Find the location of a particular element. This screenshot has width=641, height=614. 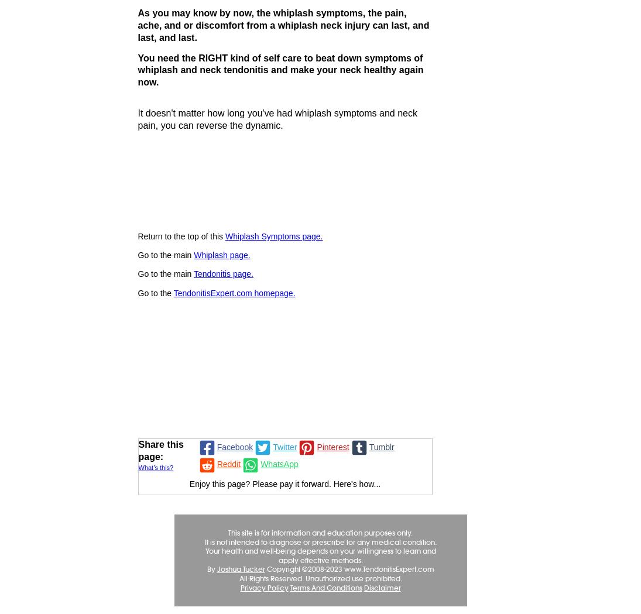

'TendonitisExpert.com homepage.' is located at coordinates (234, 291).